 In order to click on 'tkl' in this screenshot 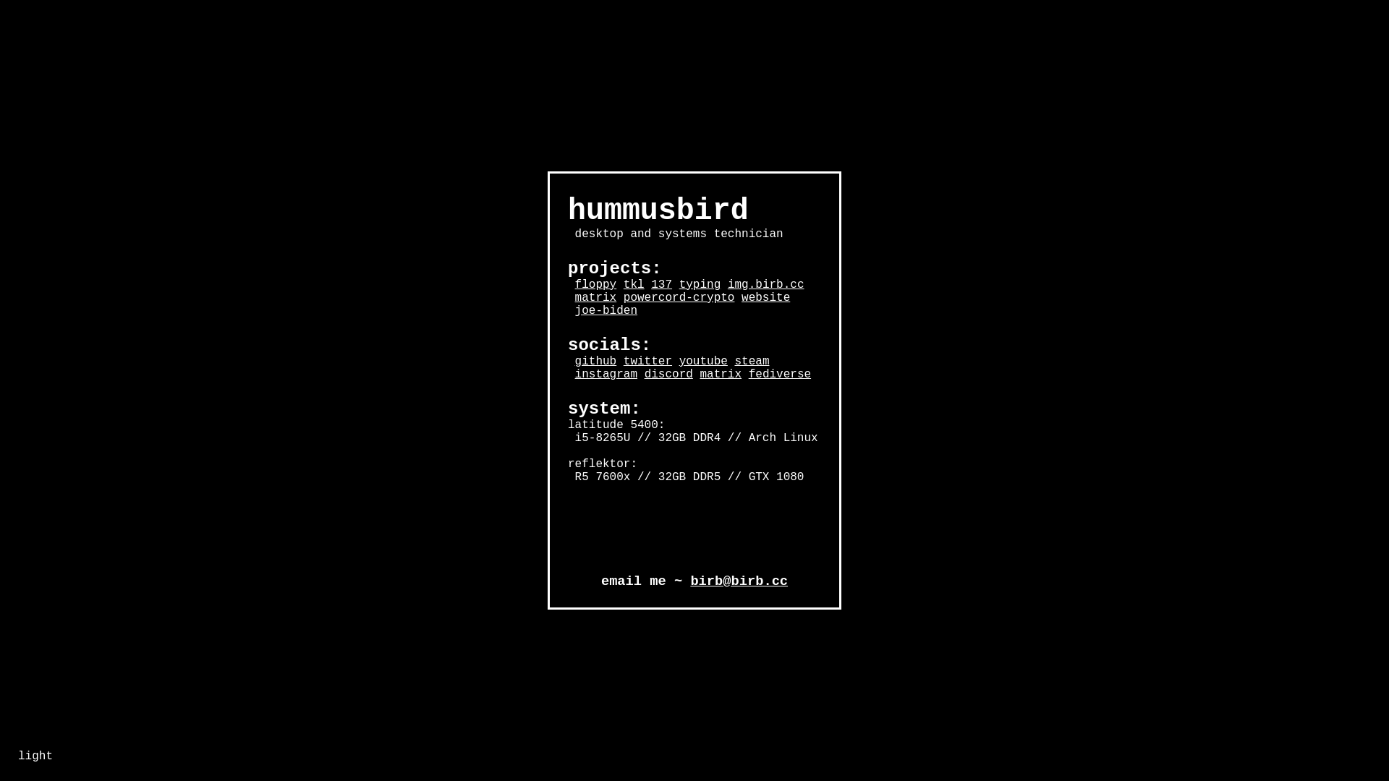, I will do `click(634, 284)`.